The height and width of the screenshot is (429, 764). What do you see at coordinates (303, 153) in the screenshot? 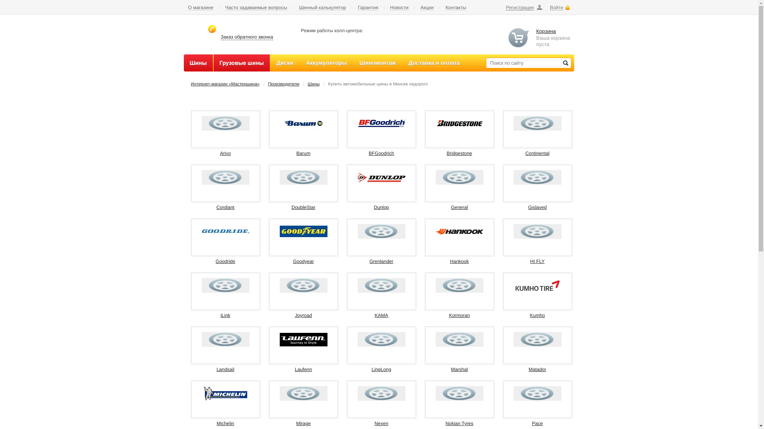
I see `'Barum'` at bounding box center [303, 153].